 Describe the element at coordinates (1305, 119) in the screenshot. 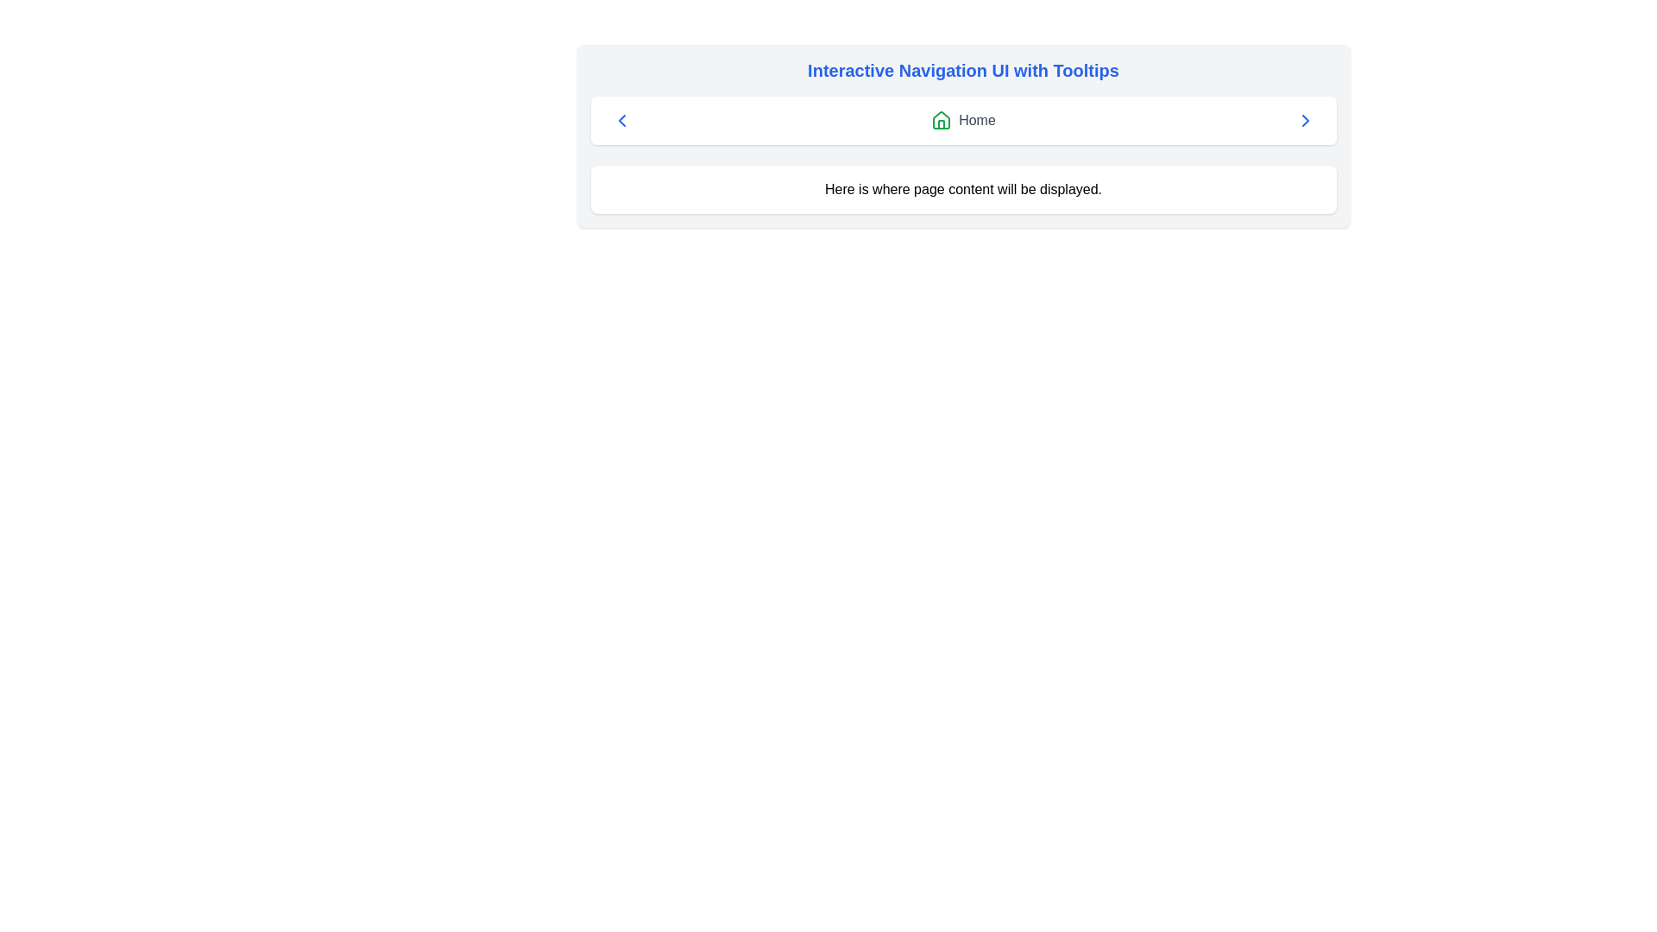

I see `the 'Next' button icon located on the right side of the navigation bar` at that location.